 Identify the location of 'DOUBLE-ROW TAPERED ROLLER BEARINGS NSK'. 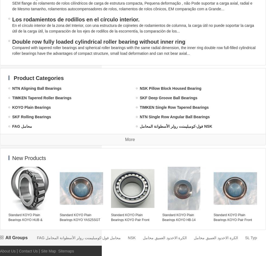
(186, 193).